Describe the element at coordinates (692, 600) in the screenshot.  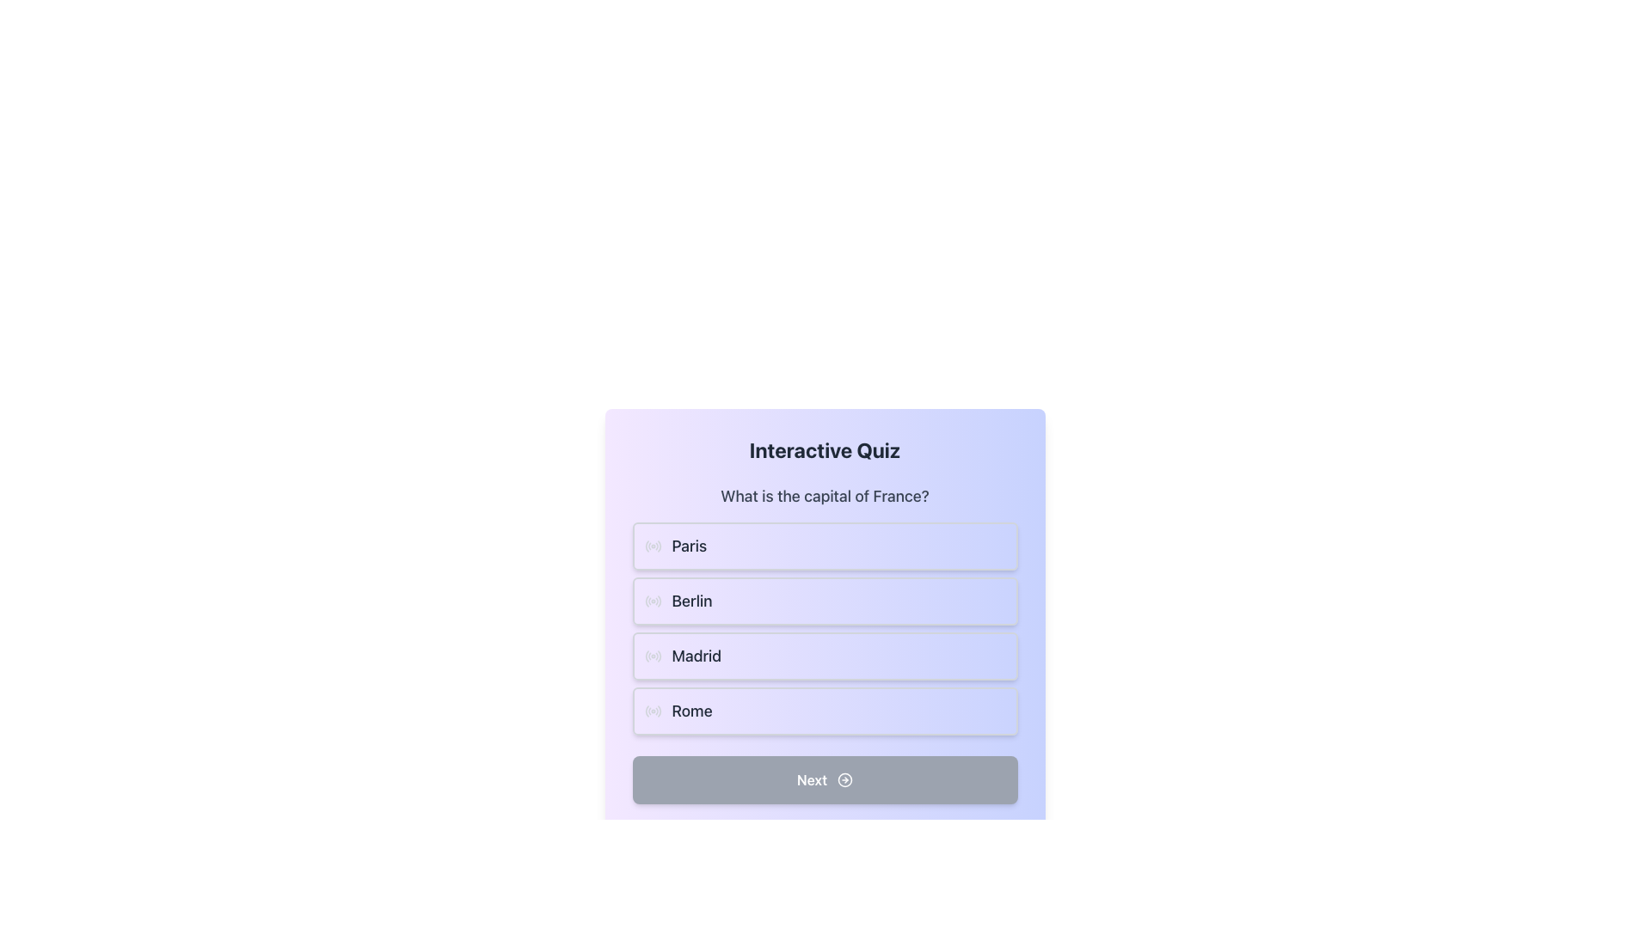
I see `the answer choice 'Berlin' in the quiz interface by clicking on it` at that location.